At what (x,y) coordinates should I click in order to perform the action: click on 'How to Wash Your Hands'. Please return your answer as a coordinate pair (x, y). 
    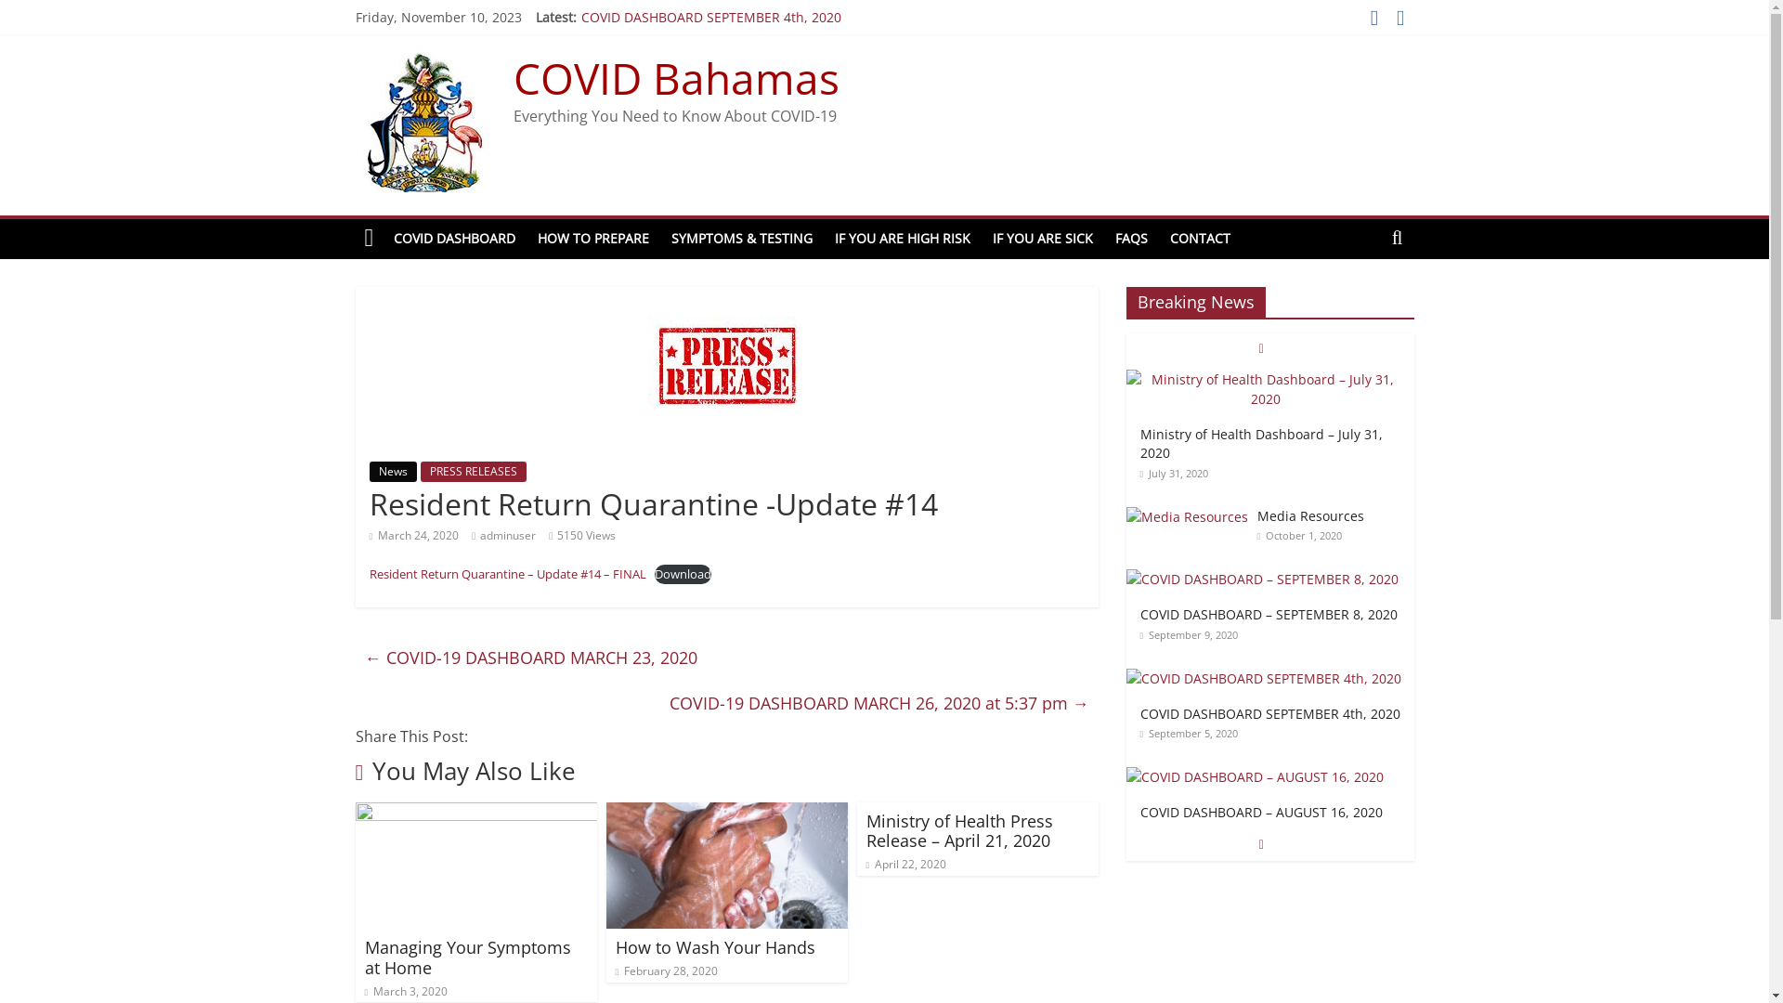
    Looking at the image, I should click on (713, 946).